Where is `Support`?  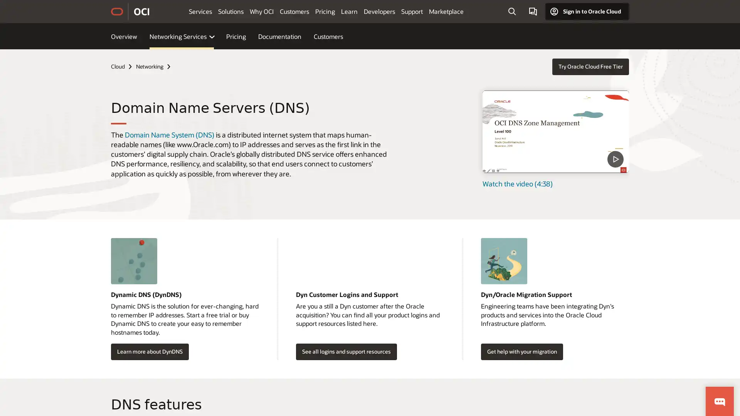 Support is located at coordinates (412, 11).